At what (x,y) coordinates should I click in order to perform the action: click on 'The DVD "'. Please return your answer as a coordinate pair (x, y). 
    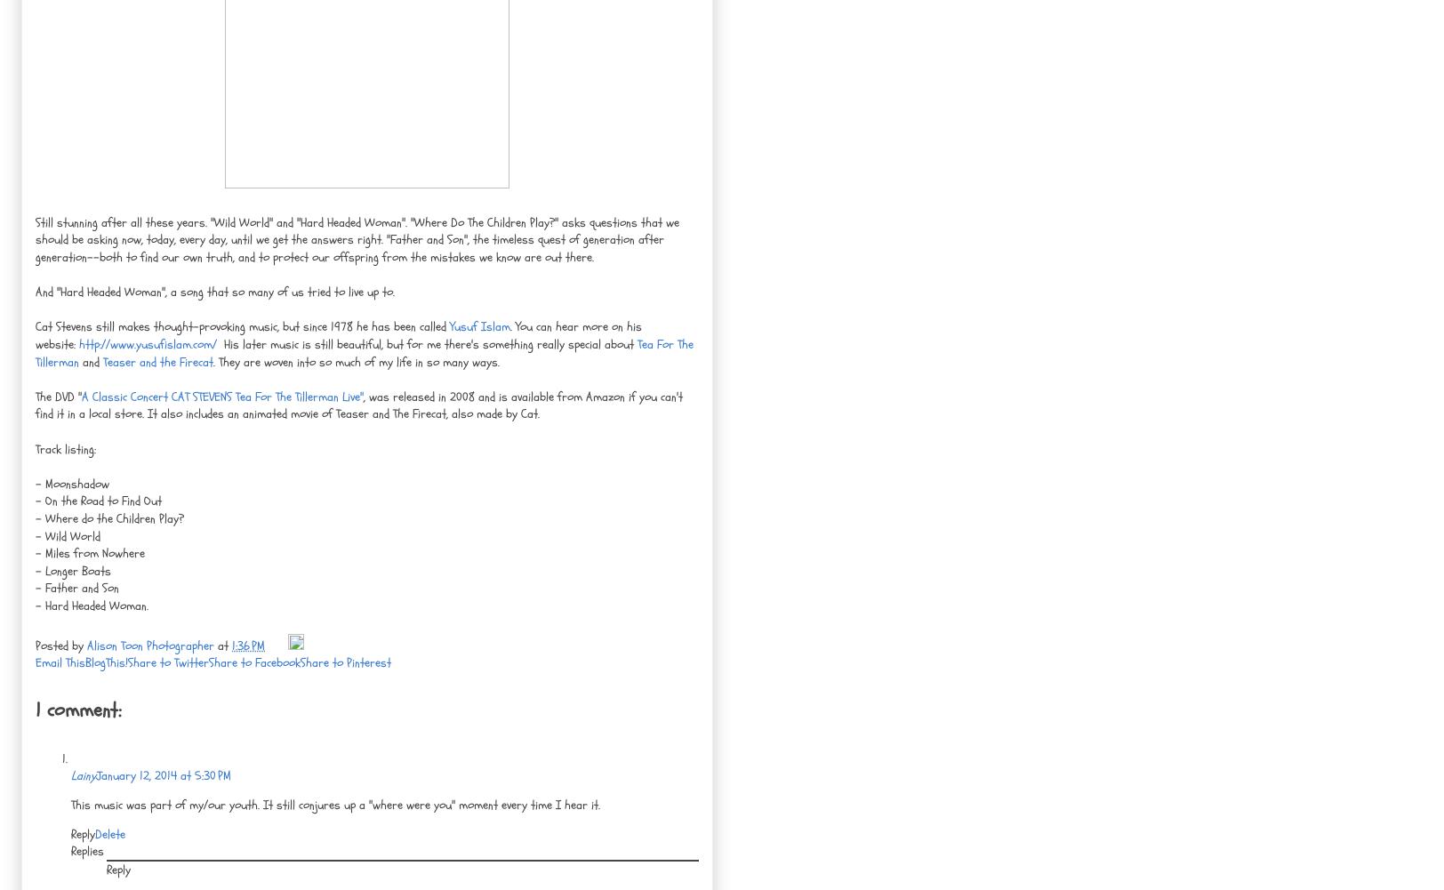
    Looking at the image, I should click on (58, 396).